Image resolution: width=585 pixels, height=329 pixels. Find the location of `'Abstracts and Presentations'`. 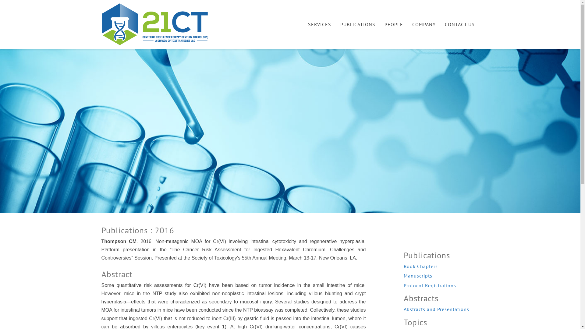

'Abstracts and Presentations' is located at coordinates (441, 309).